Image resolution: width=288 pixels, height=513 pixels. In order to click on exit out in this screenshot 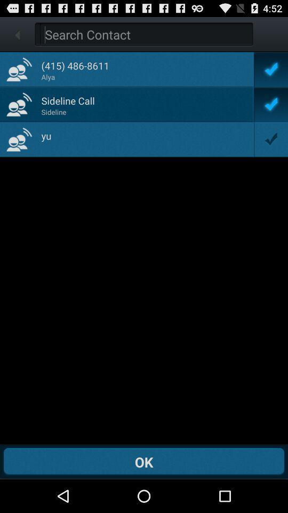, I will do `click(17, 34)`.